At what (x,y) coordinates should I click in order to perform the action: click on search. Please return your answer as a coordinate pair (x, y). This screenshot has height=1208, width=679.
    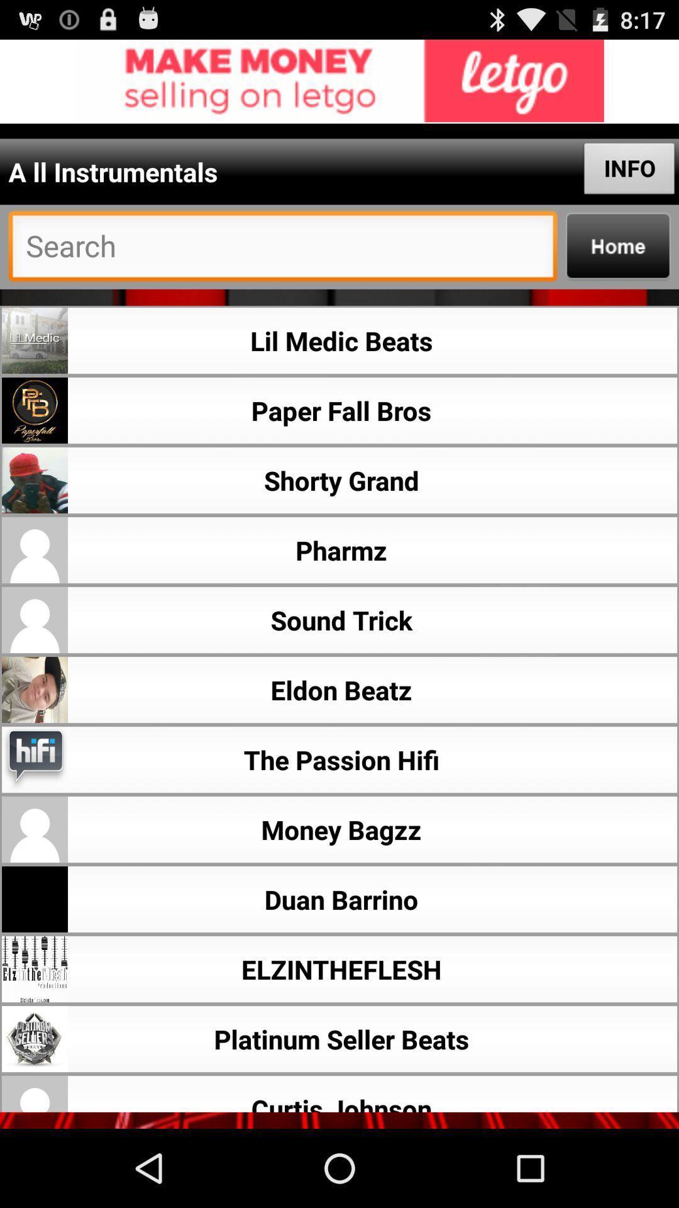
    Looking at the image, I should click on (283, 249).